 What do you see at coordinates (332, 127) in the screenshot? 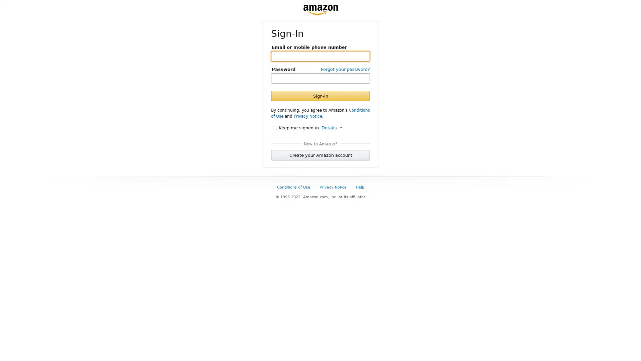
I see `Details` at bounding box center [332, 127].